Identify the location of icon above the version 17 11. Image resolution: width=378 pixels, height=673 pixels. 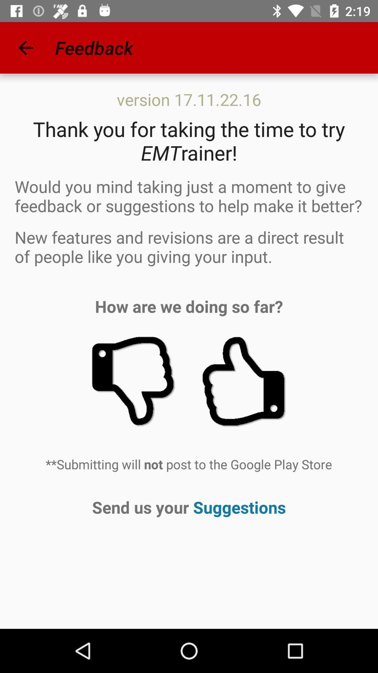
(25, 47).